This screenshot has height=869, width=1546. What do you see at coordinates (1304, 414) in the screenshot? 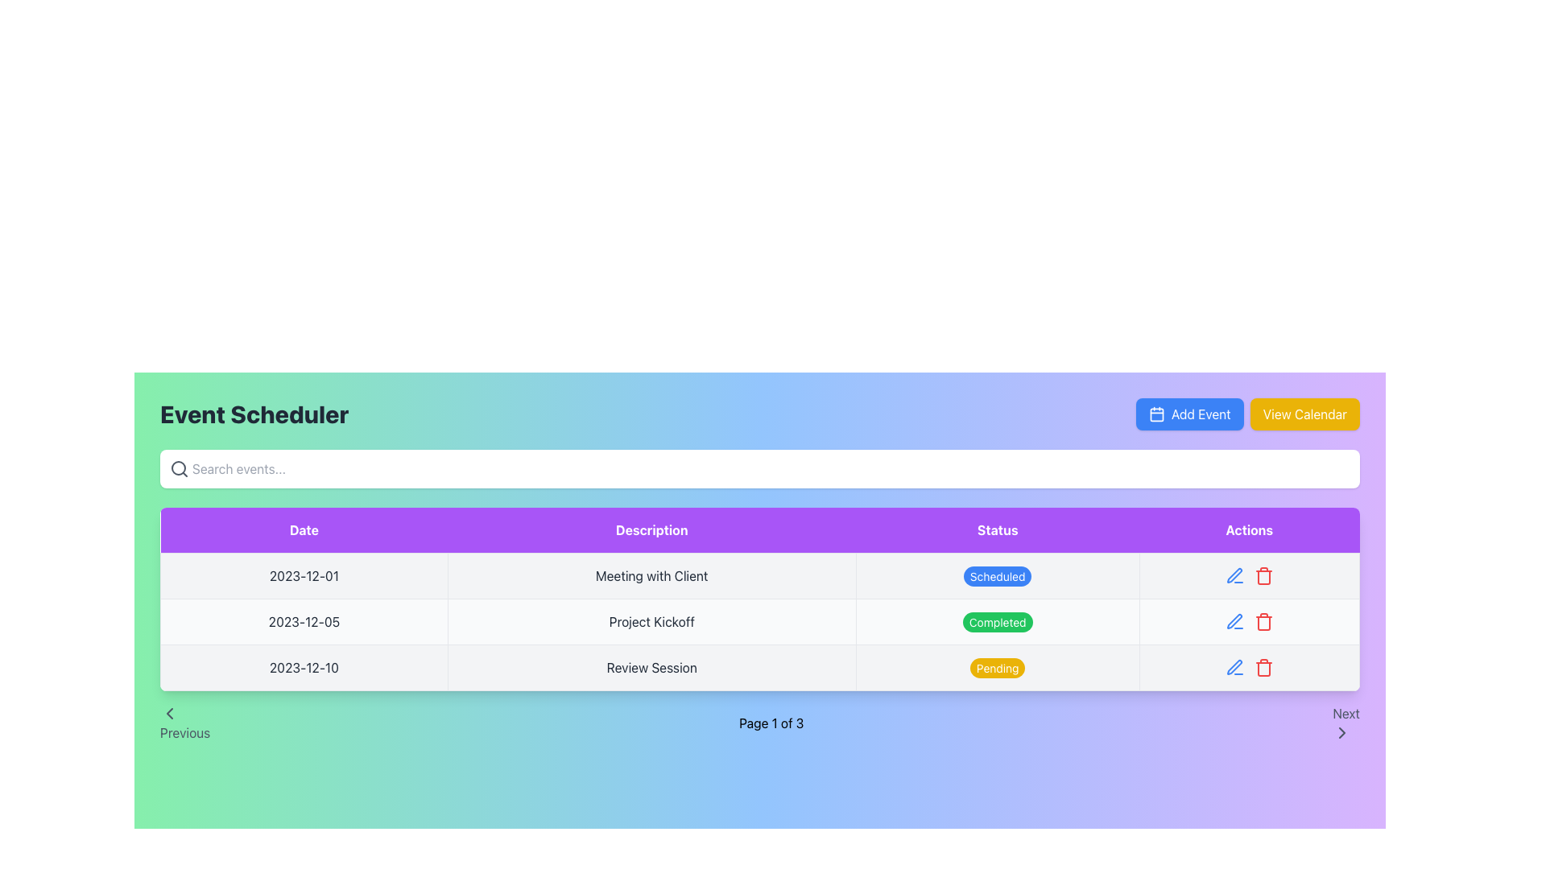
I see `the blue button located in the header section, next to the 'Add Event' button` at bounding box center [1304, 414].